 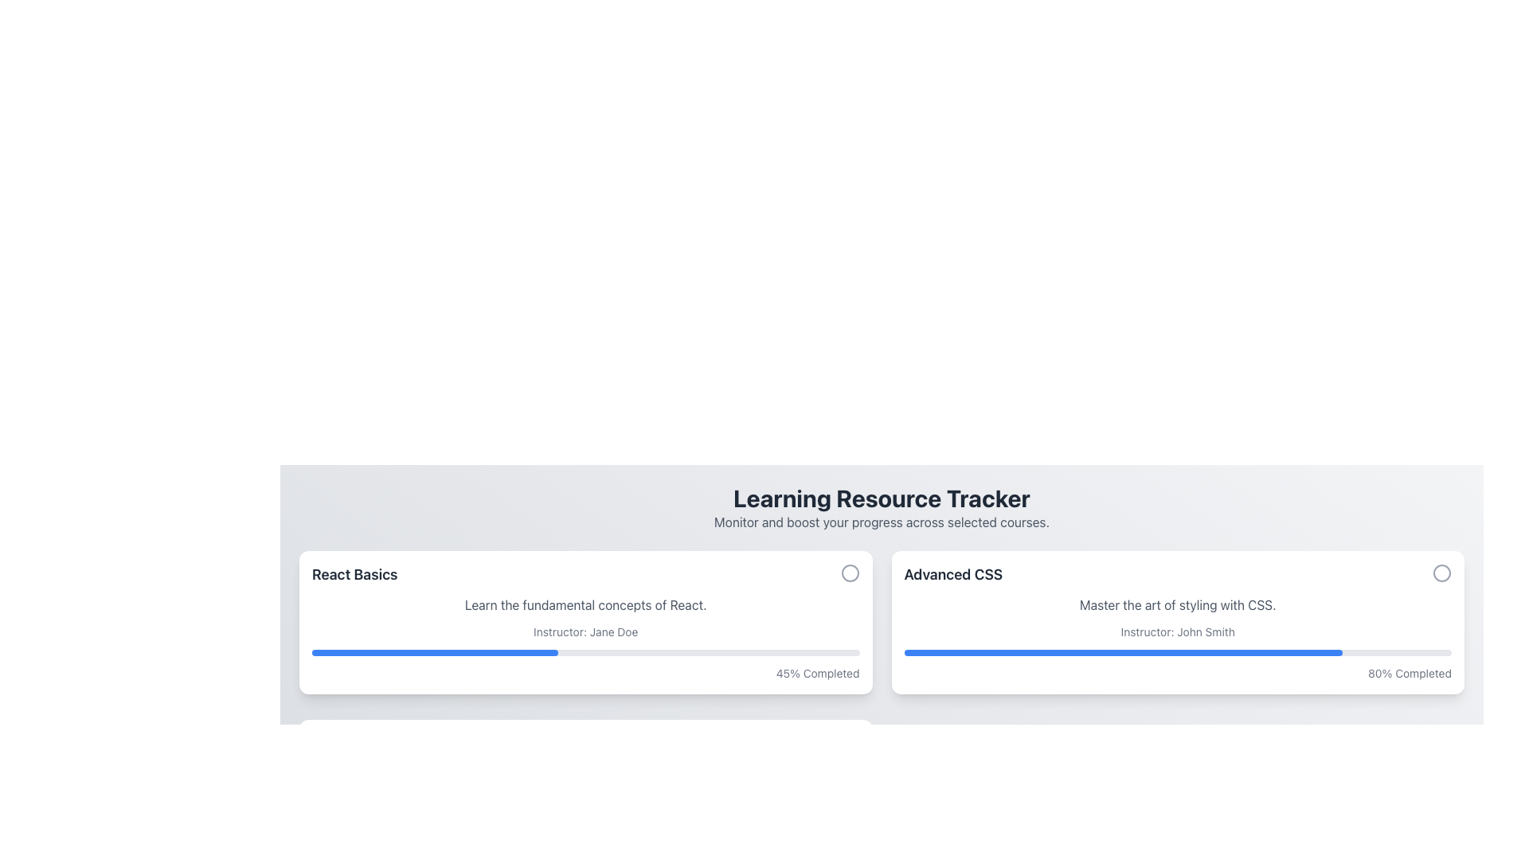 I want to click on gray-colored text 'Master the art of styling with CSS.' located beneath the title 'Advanced CSS' and above 'Instructor: John Smith' in the right card layout, so click(x=1178, y=604).